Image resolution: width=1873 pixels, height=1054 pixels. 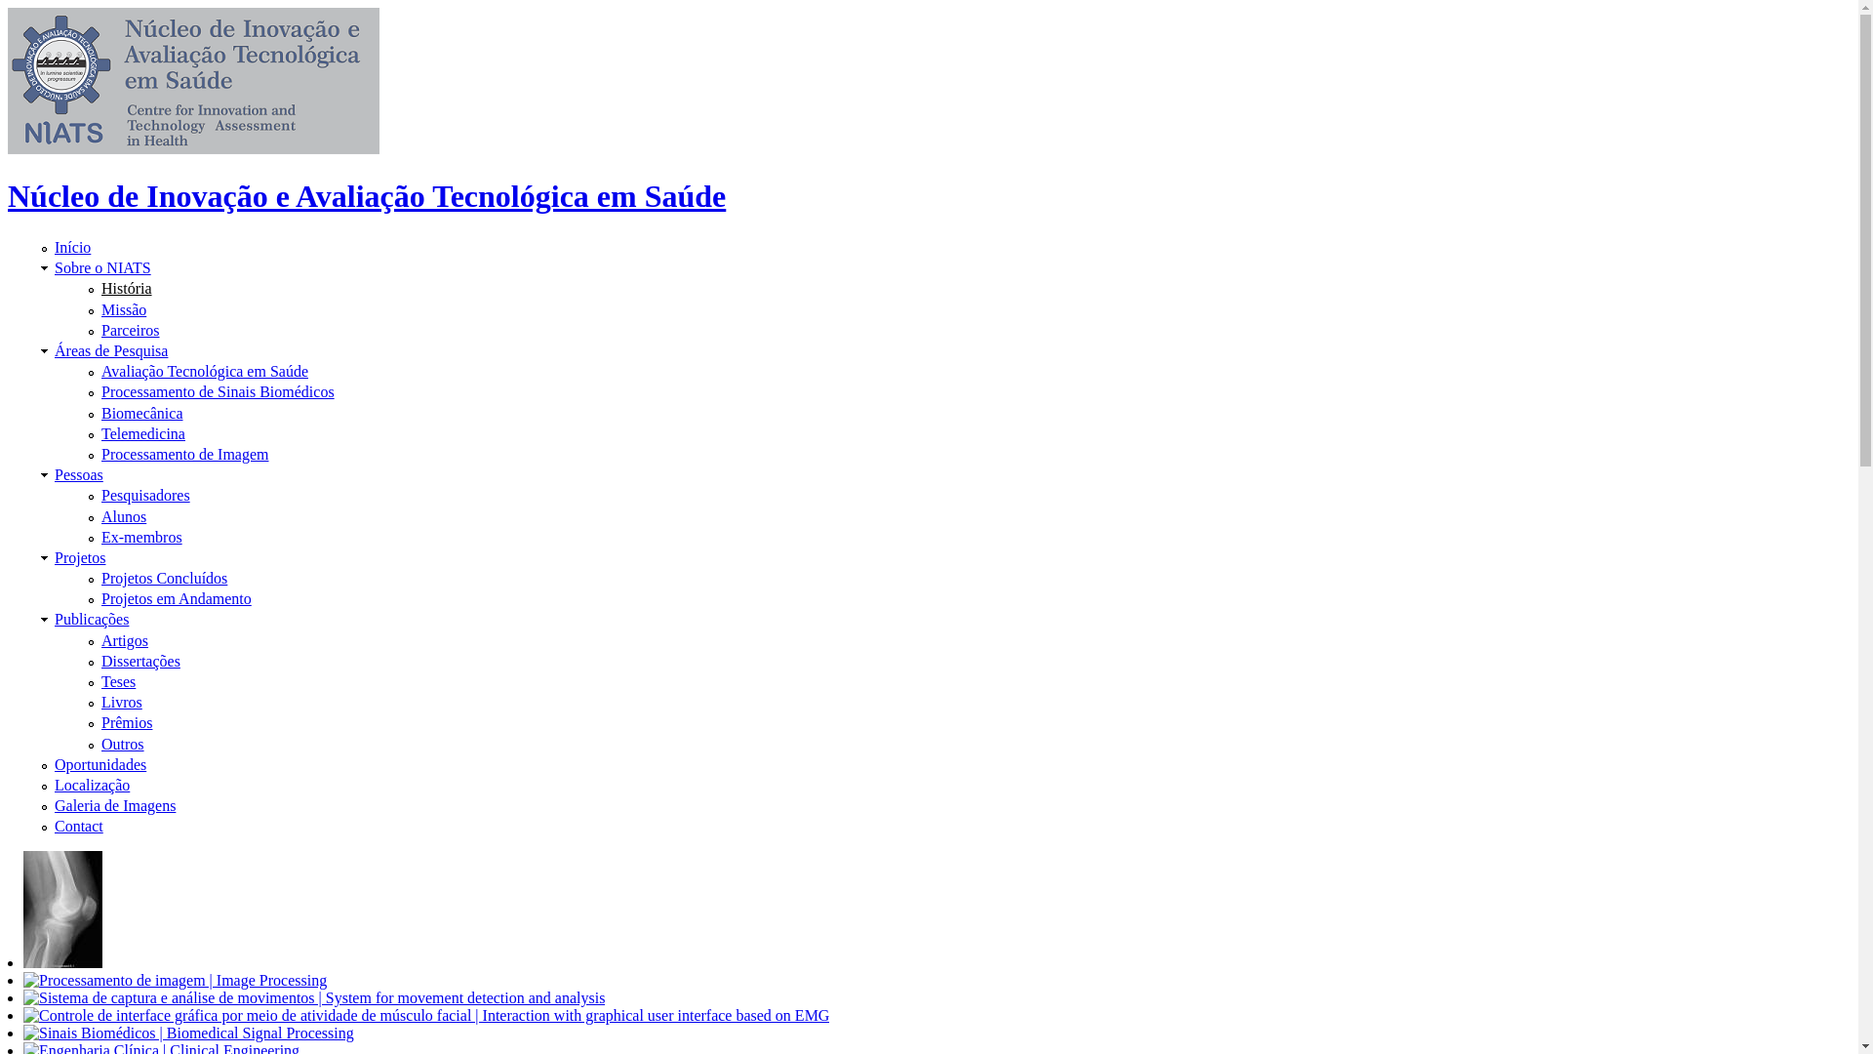 I want to click on 'Alunos', so click(x=122, y=514).